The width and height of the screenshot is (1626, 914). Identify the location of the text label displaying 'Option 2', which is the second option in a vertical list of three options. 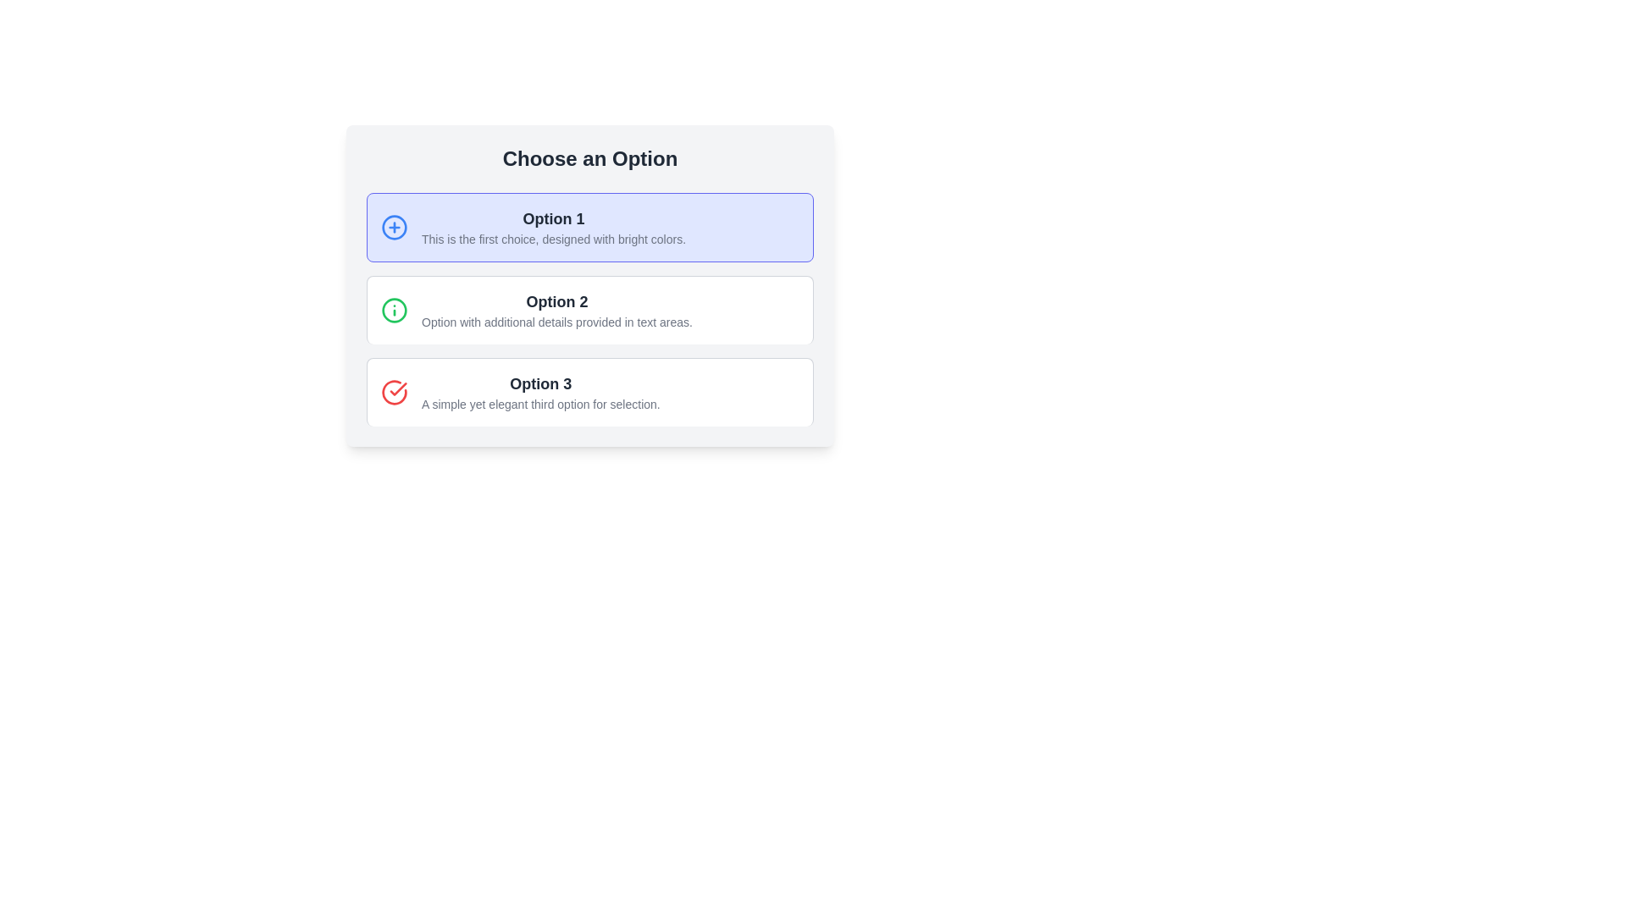
(556, 310).